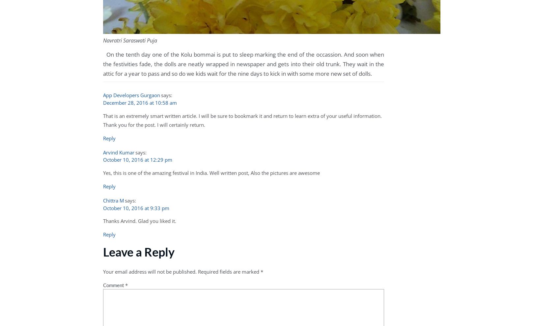 The width and height of the screenshot is (560, 326). I want to click on 'Comment', so click(103, 285).